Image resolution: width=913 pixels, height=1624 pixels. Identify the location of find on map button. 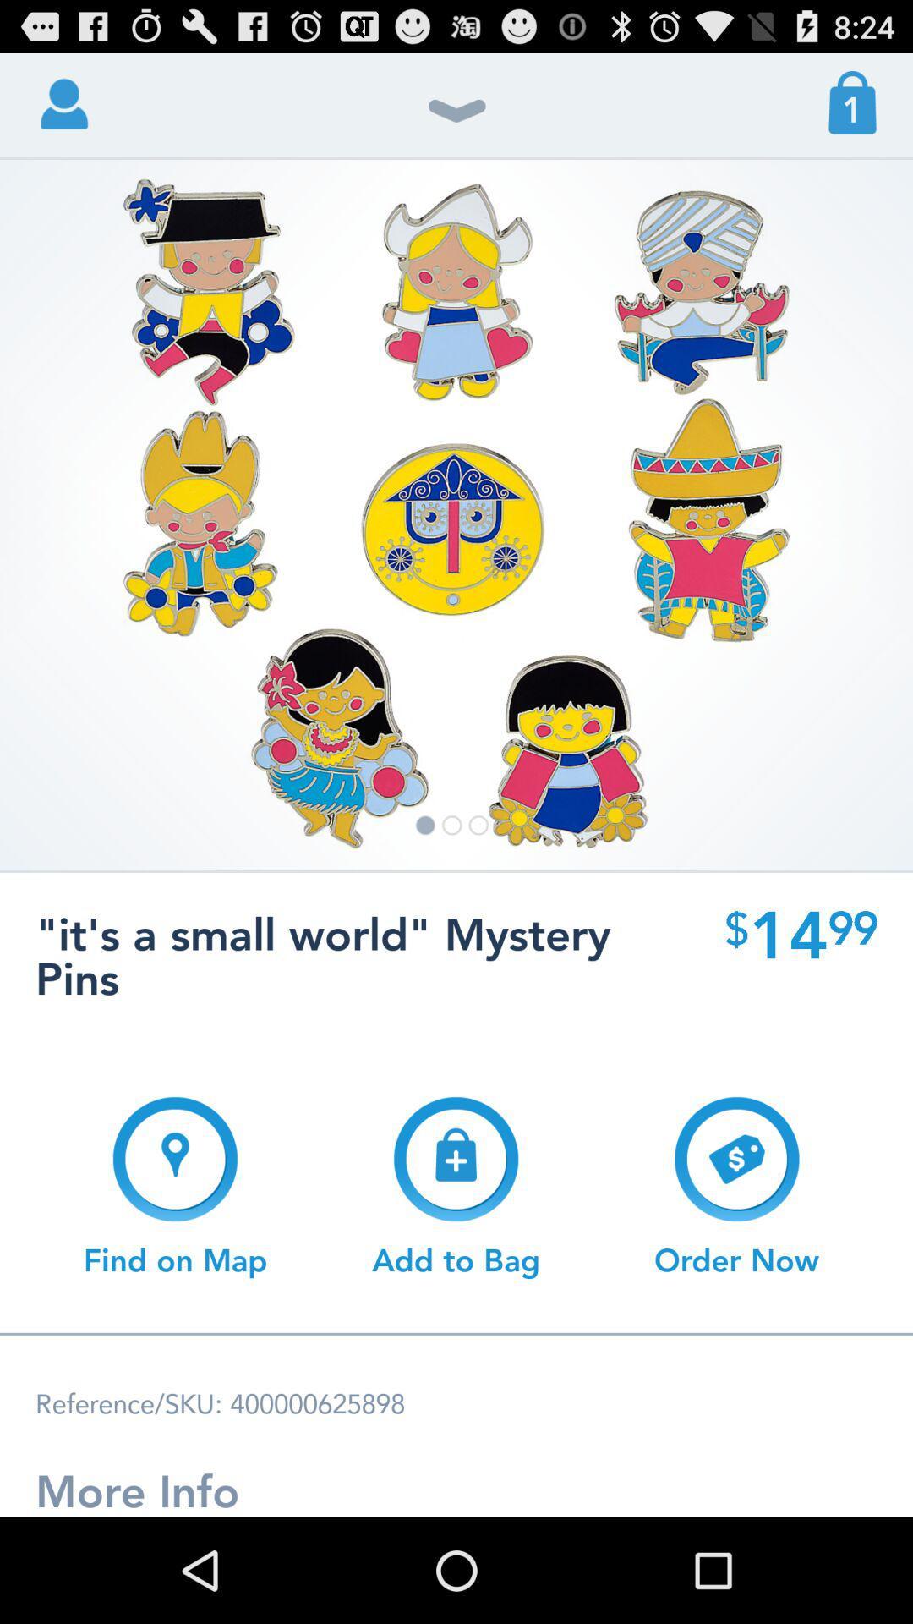
(175, 1186).